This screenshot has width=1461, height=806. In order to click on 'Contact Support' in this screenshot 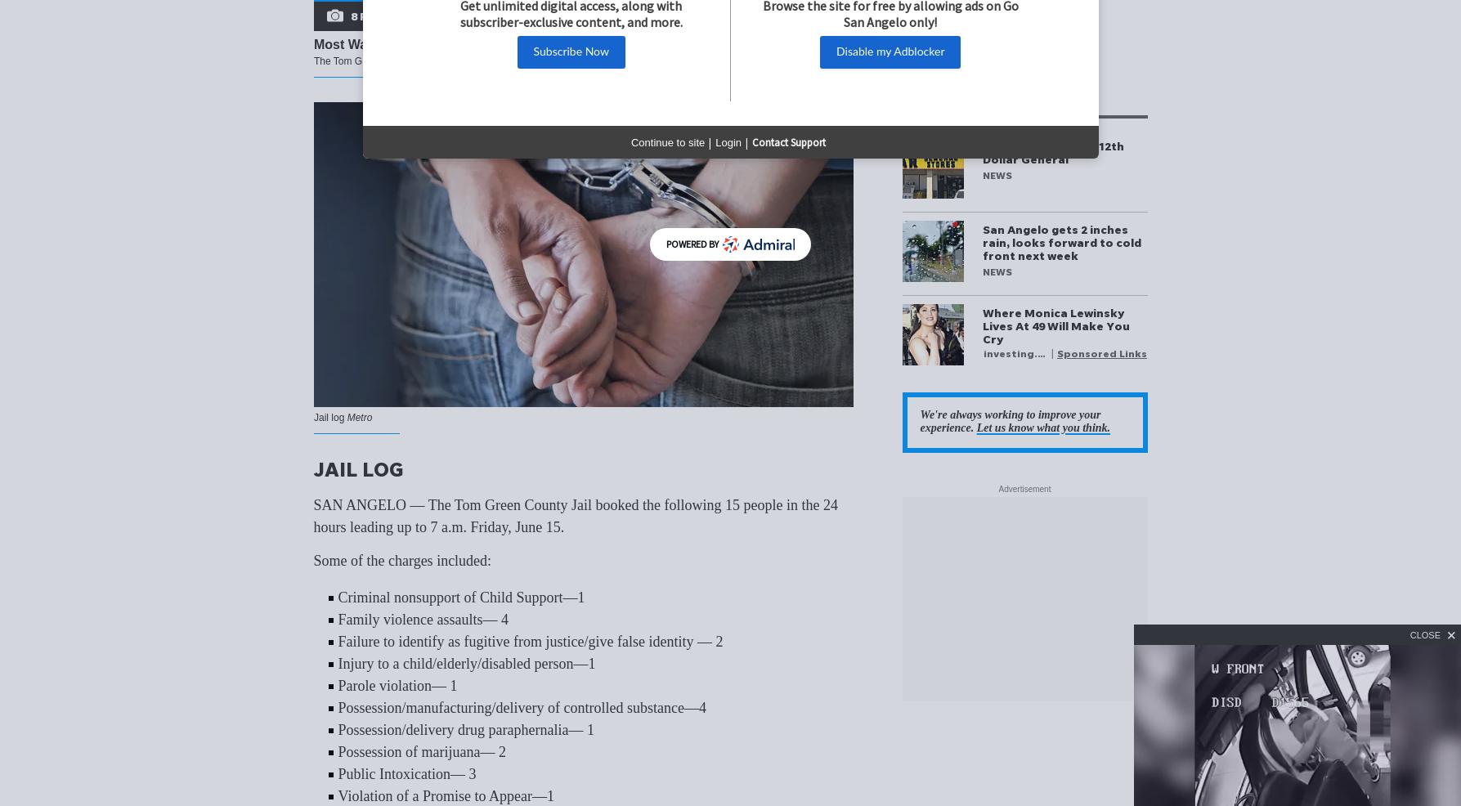, I will do `click(787, 141)`.